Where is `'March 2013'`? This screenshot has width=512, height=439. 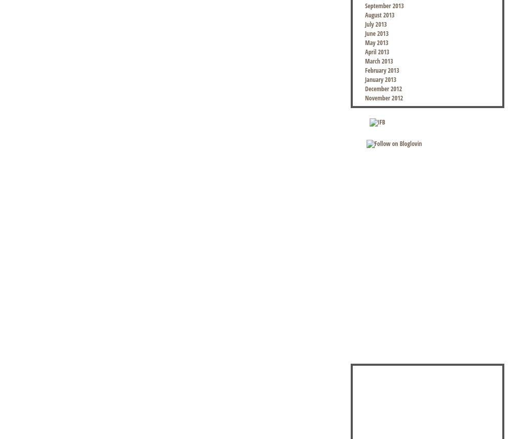 'March 2013' is located at coordinates (378, 60).